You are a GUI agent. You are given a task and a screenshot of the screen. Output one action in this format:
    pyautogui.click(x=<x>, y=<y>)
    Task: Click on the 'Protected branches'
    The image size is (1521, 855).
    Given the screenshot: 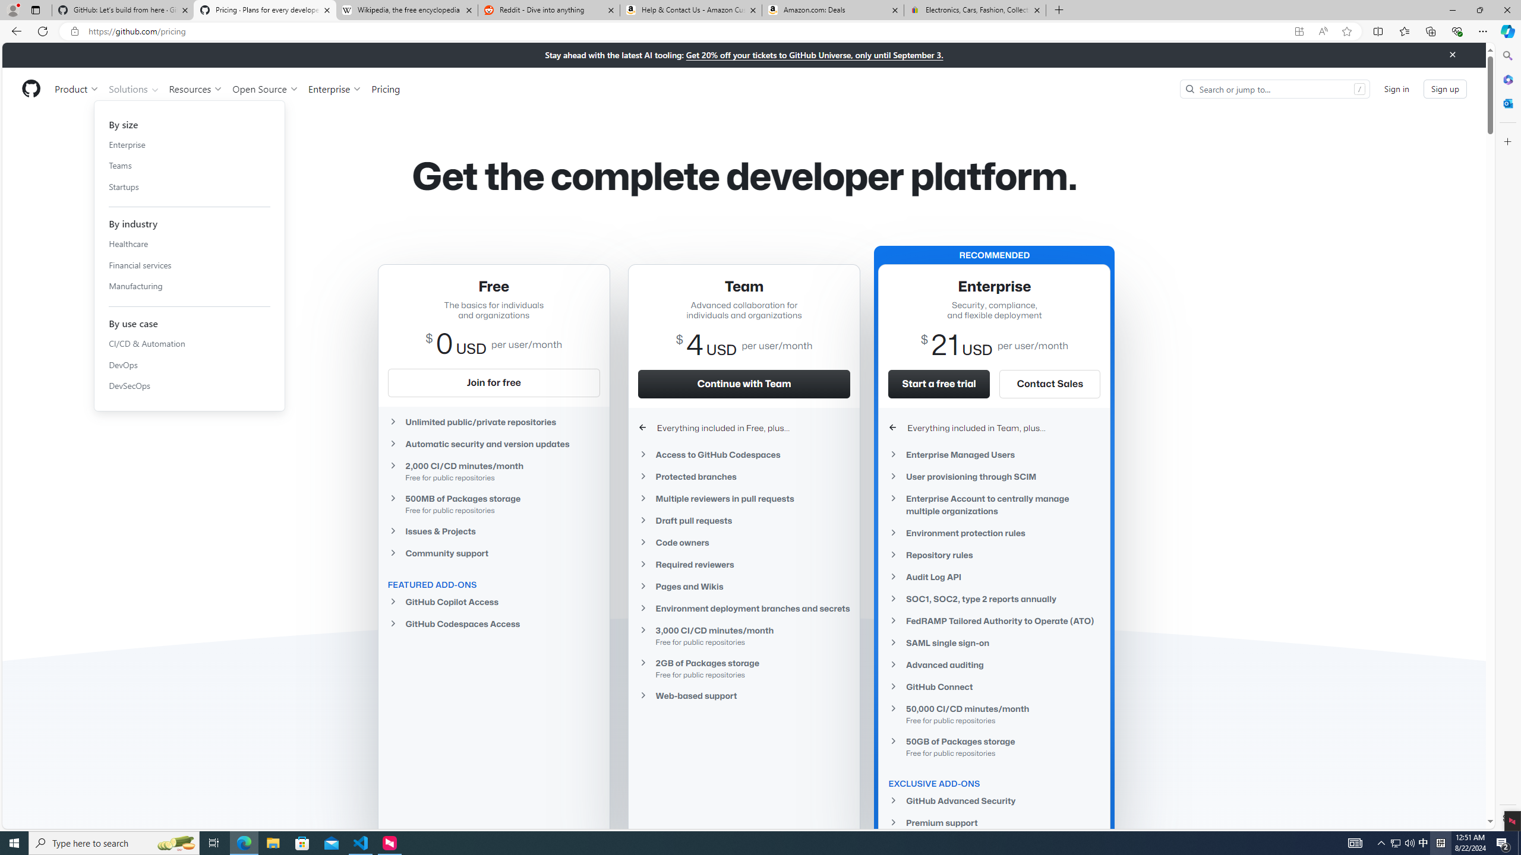 What is the action you would take?
    pyautogui.click(x=743, y=476)
    